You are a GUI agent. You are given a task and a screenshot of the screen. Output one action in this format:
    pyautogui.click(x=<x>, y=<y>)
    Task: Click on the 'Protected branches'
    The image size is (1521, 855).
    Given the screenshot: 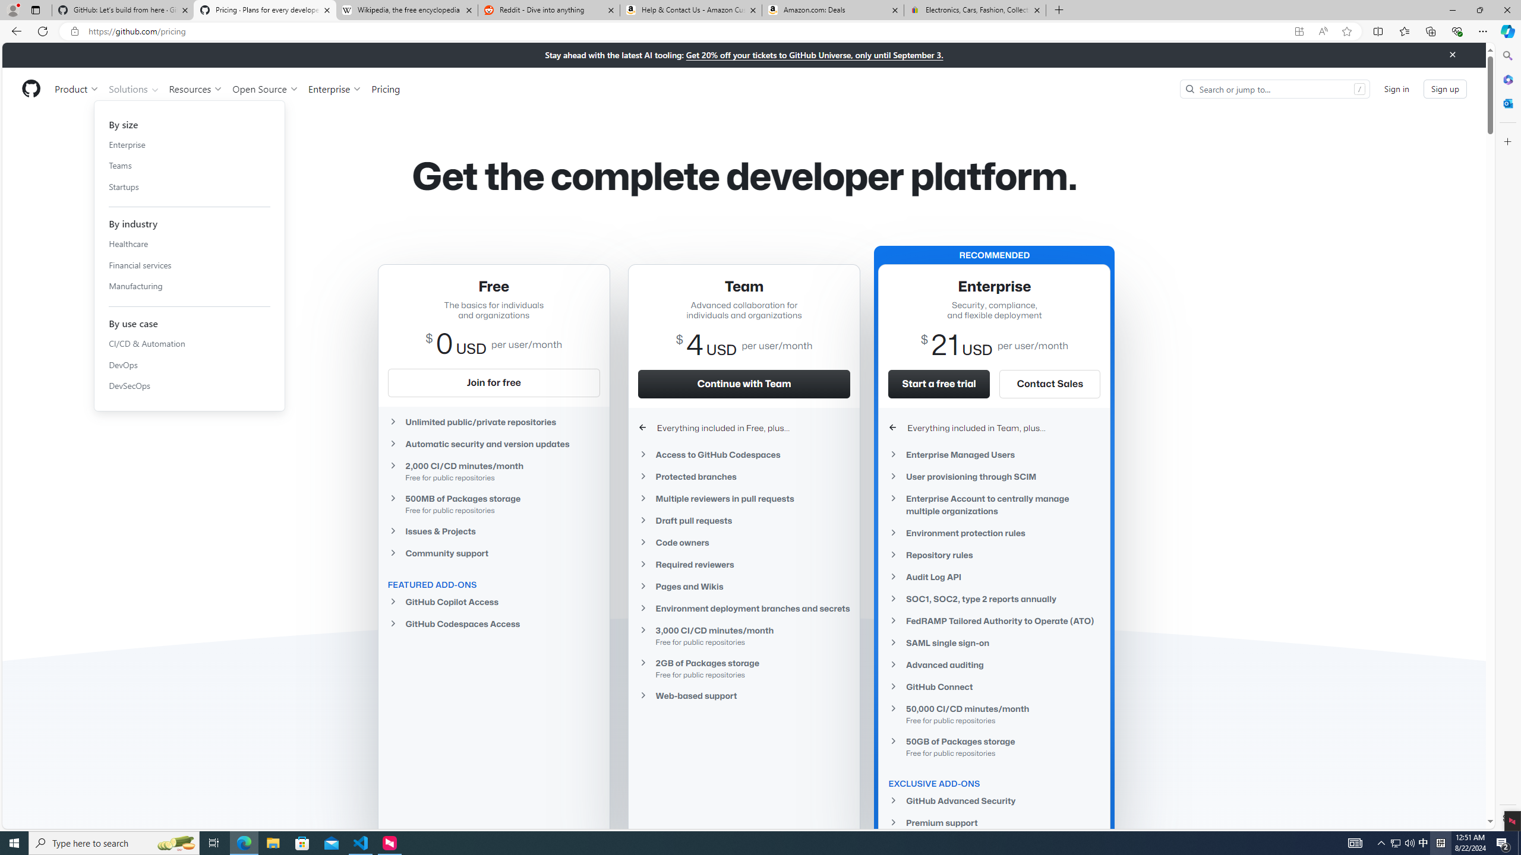 What is the action you would take?
    pyautogui.click(x=743, y=476)
    